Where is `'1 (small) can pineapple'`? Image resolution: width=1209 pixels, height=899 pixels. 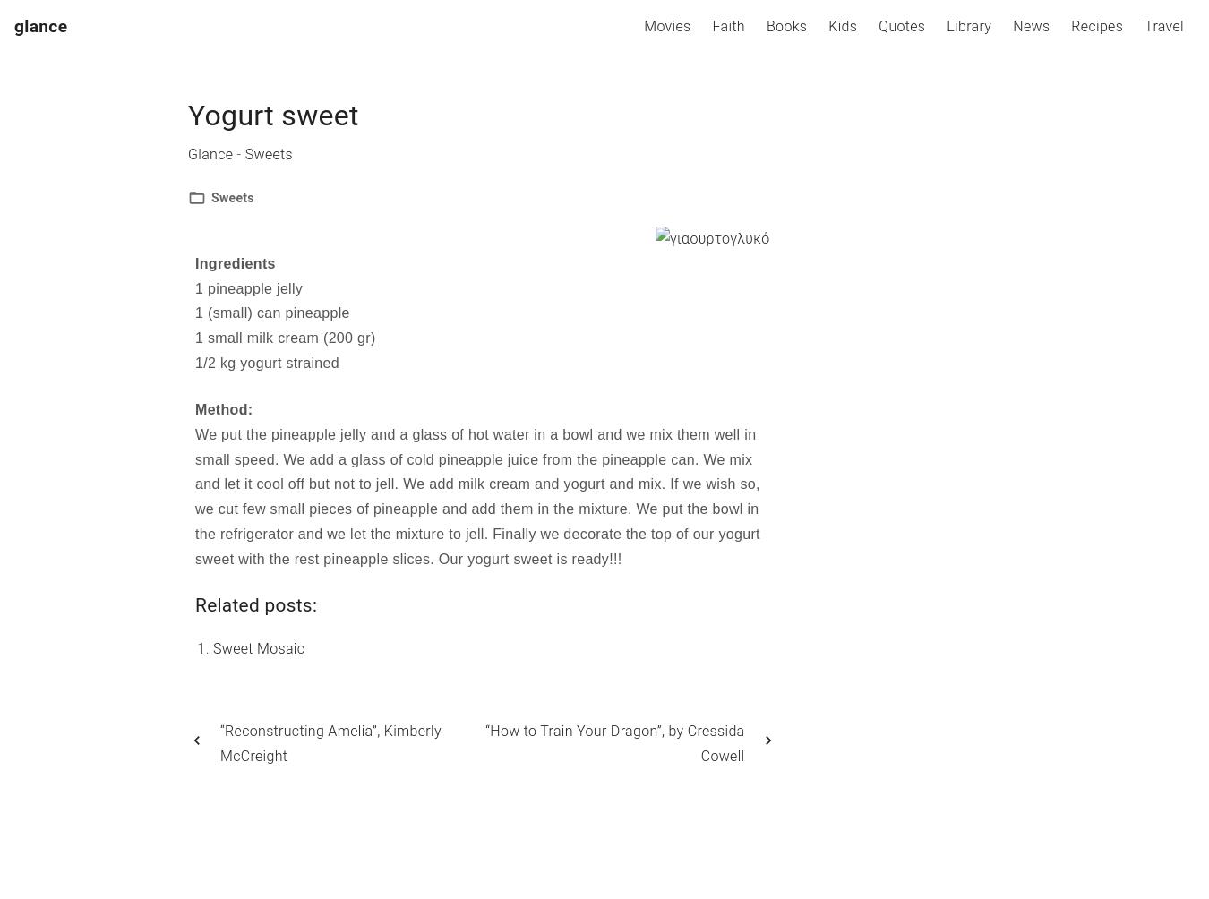 '1 (small) can pineapple' is located at coordinates (271, 313).